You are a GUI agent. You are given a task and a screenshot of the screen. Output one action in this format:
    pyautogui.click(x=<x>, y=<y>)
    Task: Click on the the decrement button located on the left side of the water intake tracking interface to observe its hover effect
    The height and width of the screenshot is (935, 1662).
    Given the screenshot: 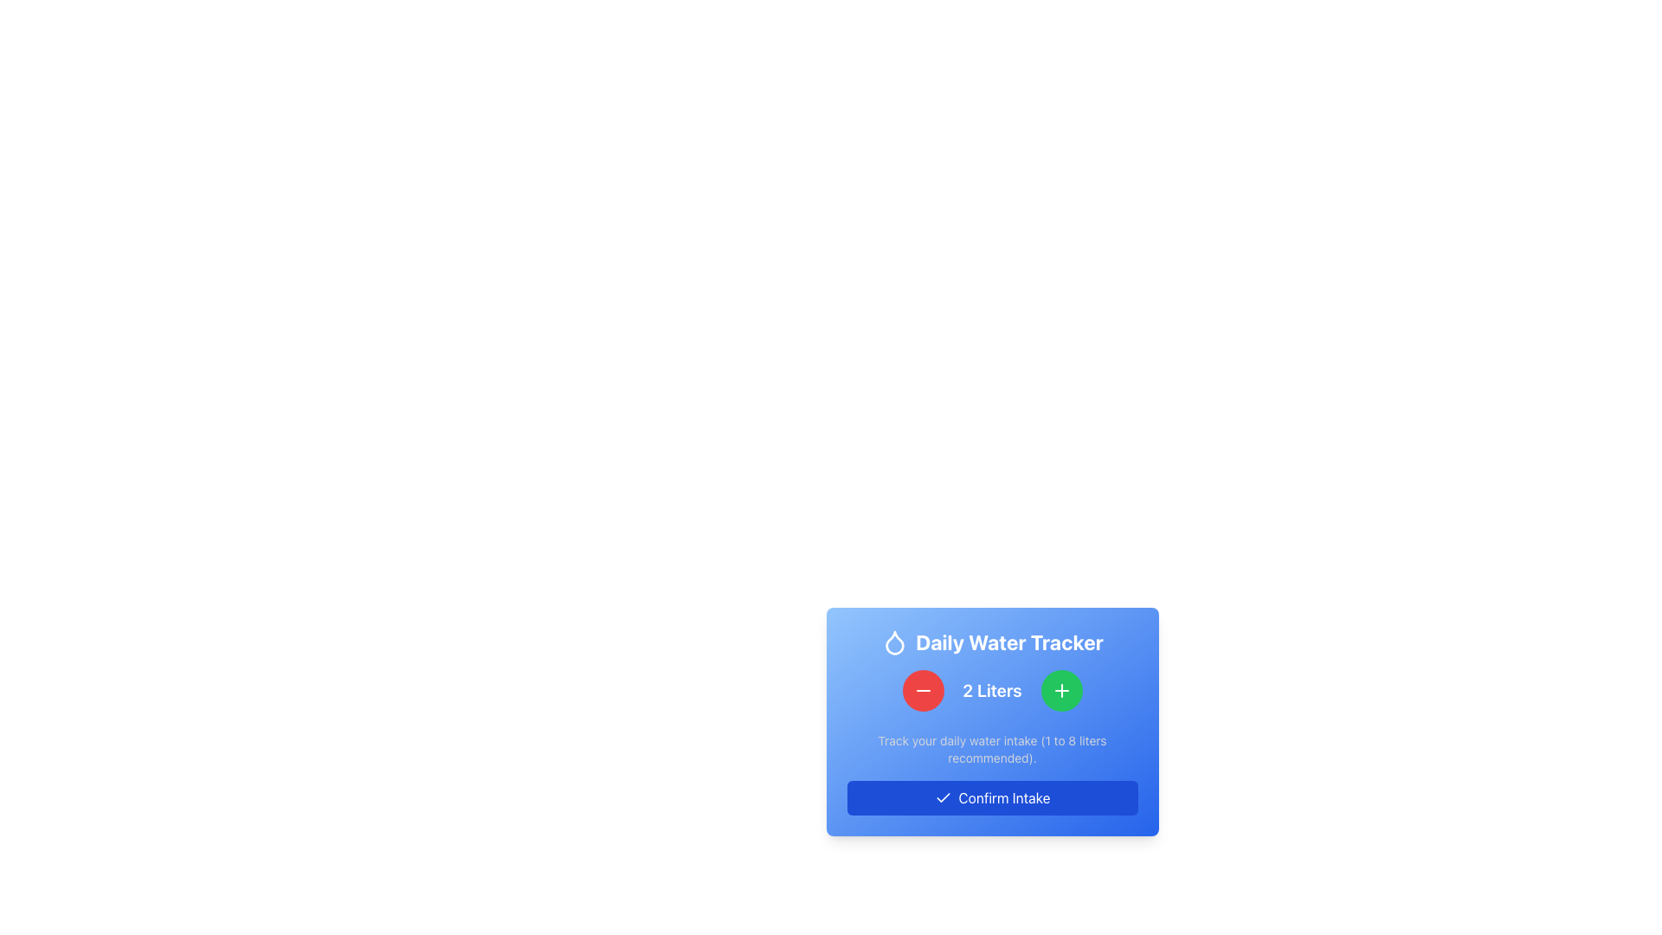 What is the action you would take?
    pyautogui.click(x=922, y=690)
    